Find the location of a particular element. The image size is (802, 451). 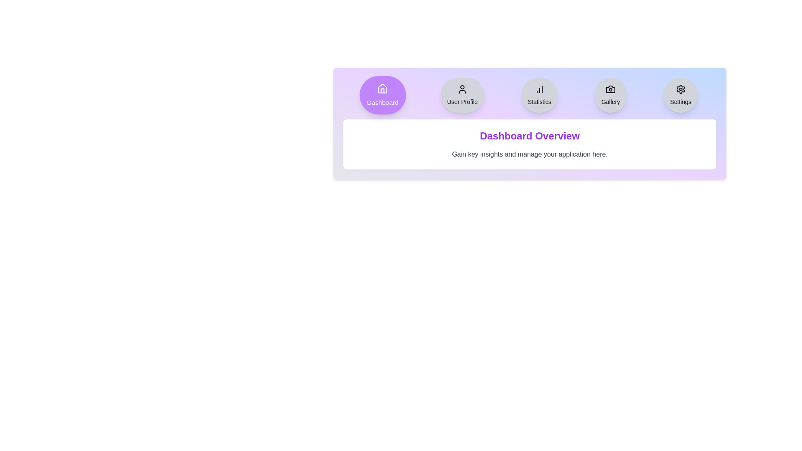

text of the 'Dashboard' label located centrally below the circular button with a purple background and a white home icon is located at coordinates (382, 102).